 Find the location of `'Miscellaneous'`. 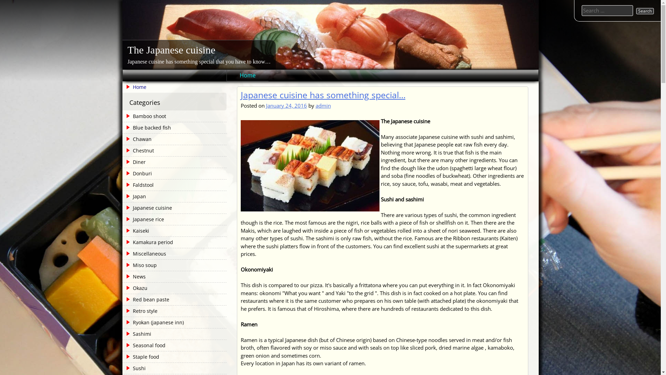

'Miscellaneous' is located at coordinates (144, 254).